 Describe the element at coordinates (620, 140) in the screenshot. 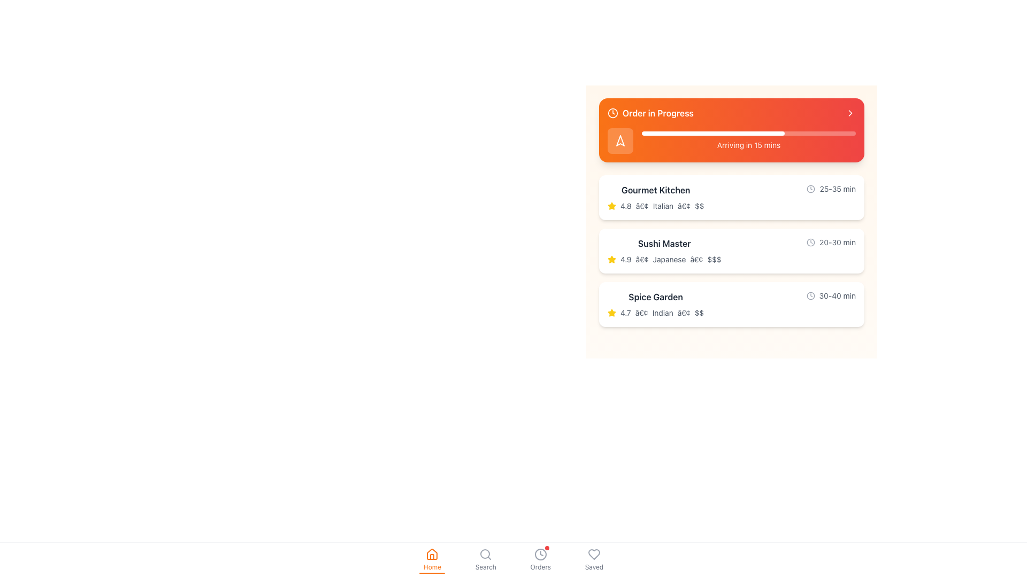

I see `the square-shaped icon with an orange background and a white downward arrow, located on the far left of the 'Arriving in 15 mins' group, next to the progress bar` at that location.